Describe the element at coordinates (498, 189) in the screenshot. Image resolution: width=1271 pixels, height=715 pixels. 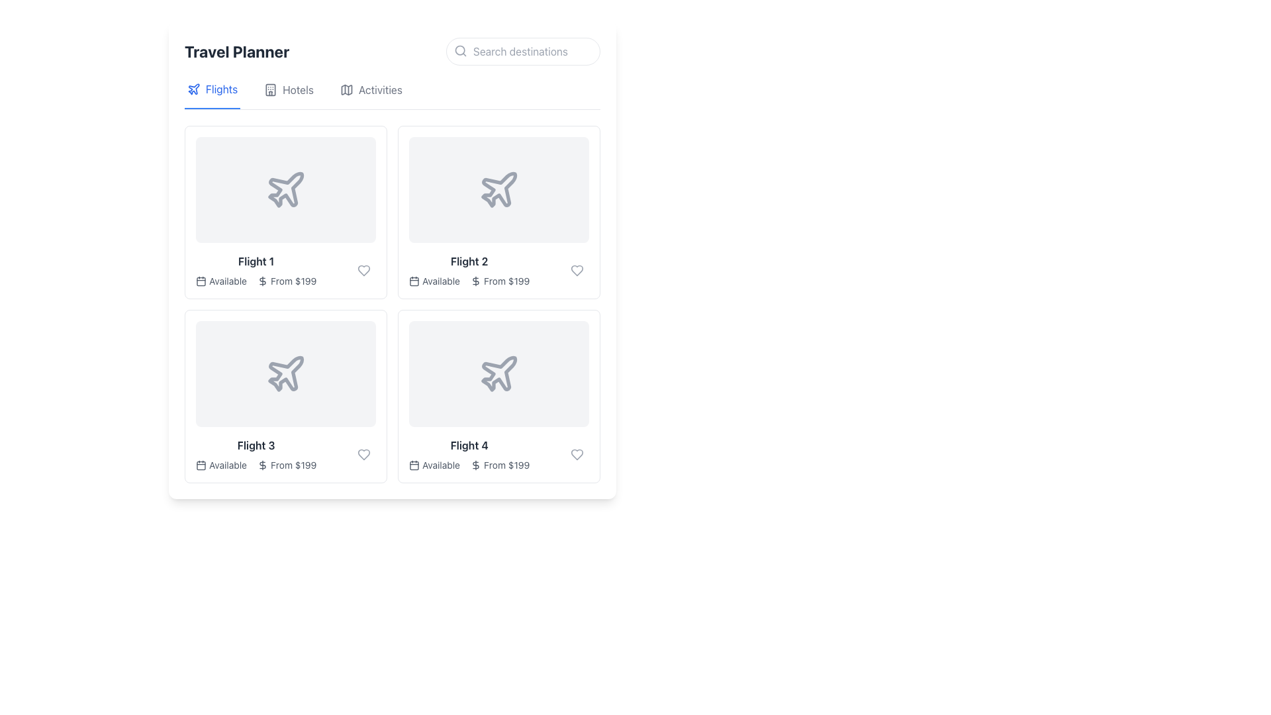
I see `the second airplane icon in the grid layout of the 'Travel Planner' interface` at that location.